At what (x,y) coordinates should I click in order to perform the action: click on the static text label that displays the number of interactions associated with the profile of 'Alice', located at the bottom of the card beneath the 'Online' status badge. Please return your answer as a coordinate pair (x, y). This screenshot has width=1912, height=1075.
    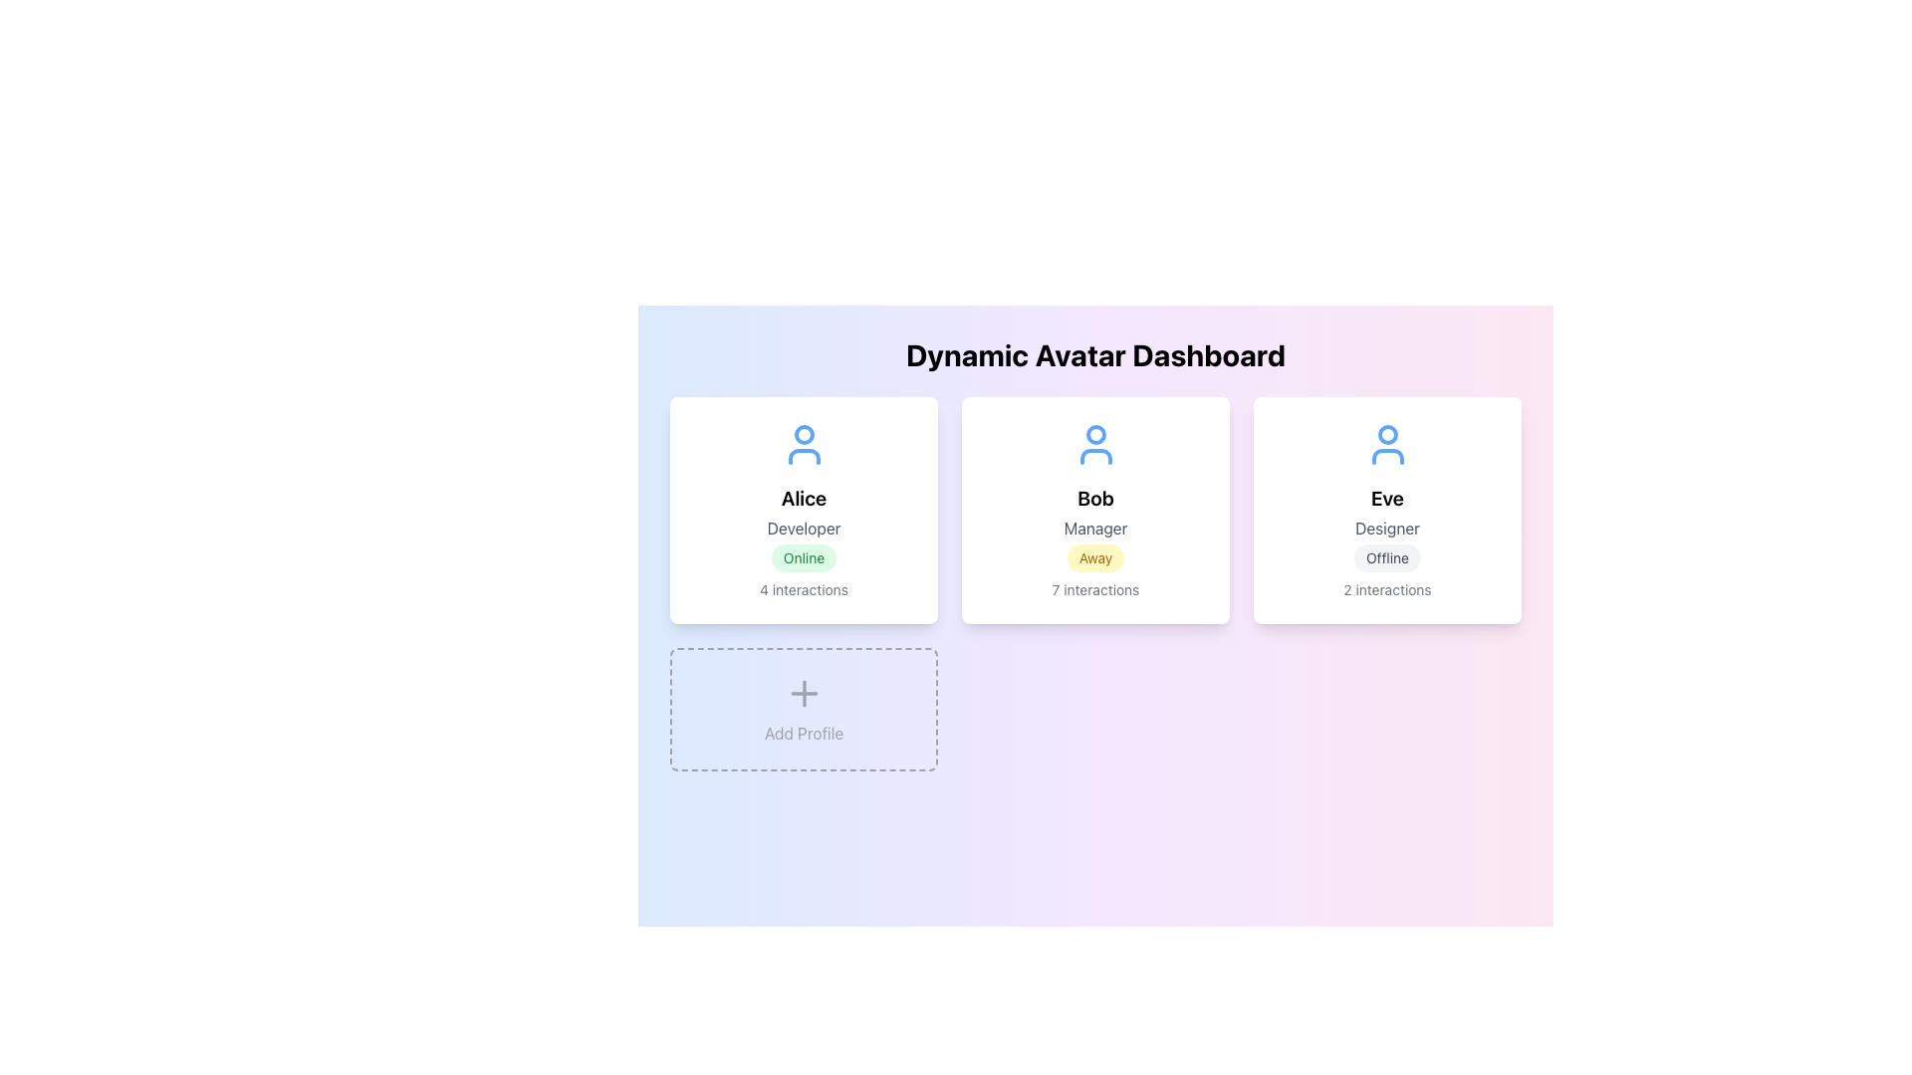
    Looking at the image, I should click on (804, 589).